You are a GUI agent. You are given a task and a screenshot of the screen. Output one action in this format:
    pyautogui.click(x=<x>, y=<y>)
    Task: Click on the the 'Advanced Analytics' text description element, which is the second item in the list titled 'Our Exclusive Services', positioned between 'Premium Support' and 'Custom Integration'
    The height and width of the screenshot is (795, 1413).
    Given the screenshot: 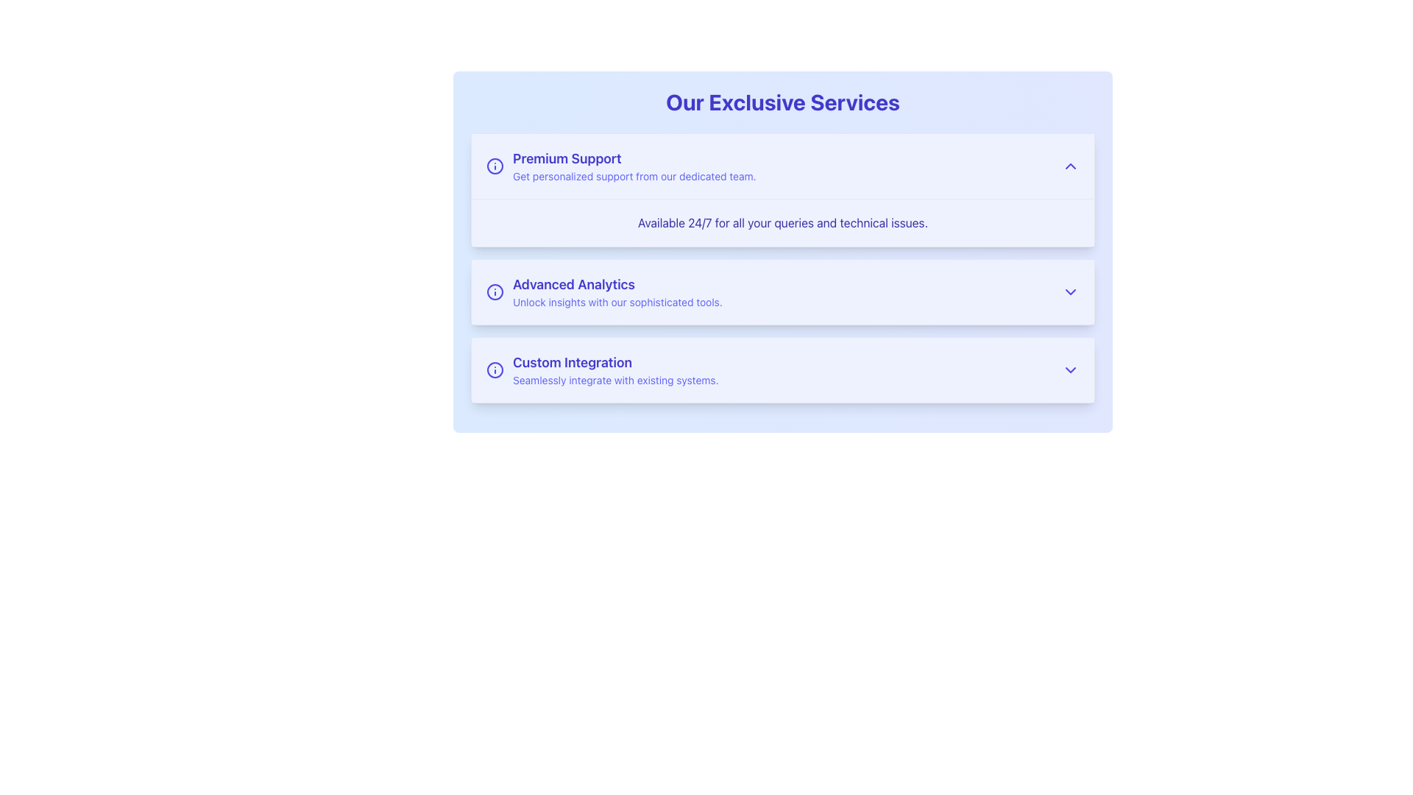 What is the action you would take?
    pyautogui.click(x=617, y=292)
    